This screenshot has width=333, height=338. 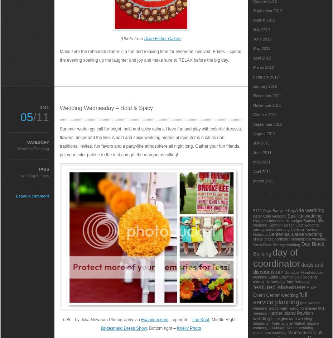 I want to click on 'crown plaza northstar minneapolis wedding', so click(x=289, y=239).